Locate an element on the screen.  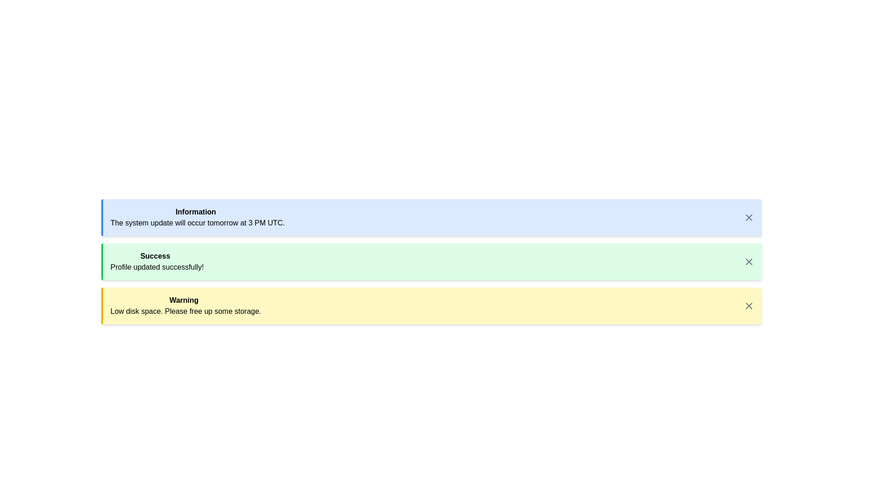
the close button located on the far-right edge of the notification bar is located at coordinates (749, 306).